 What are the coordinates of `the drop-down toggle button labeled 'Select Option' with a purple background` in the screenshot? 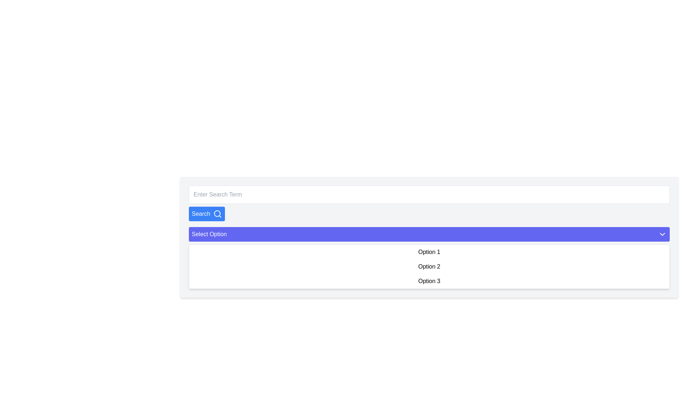 It's located at (429, 234).